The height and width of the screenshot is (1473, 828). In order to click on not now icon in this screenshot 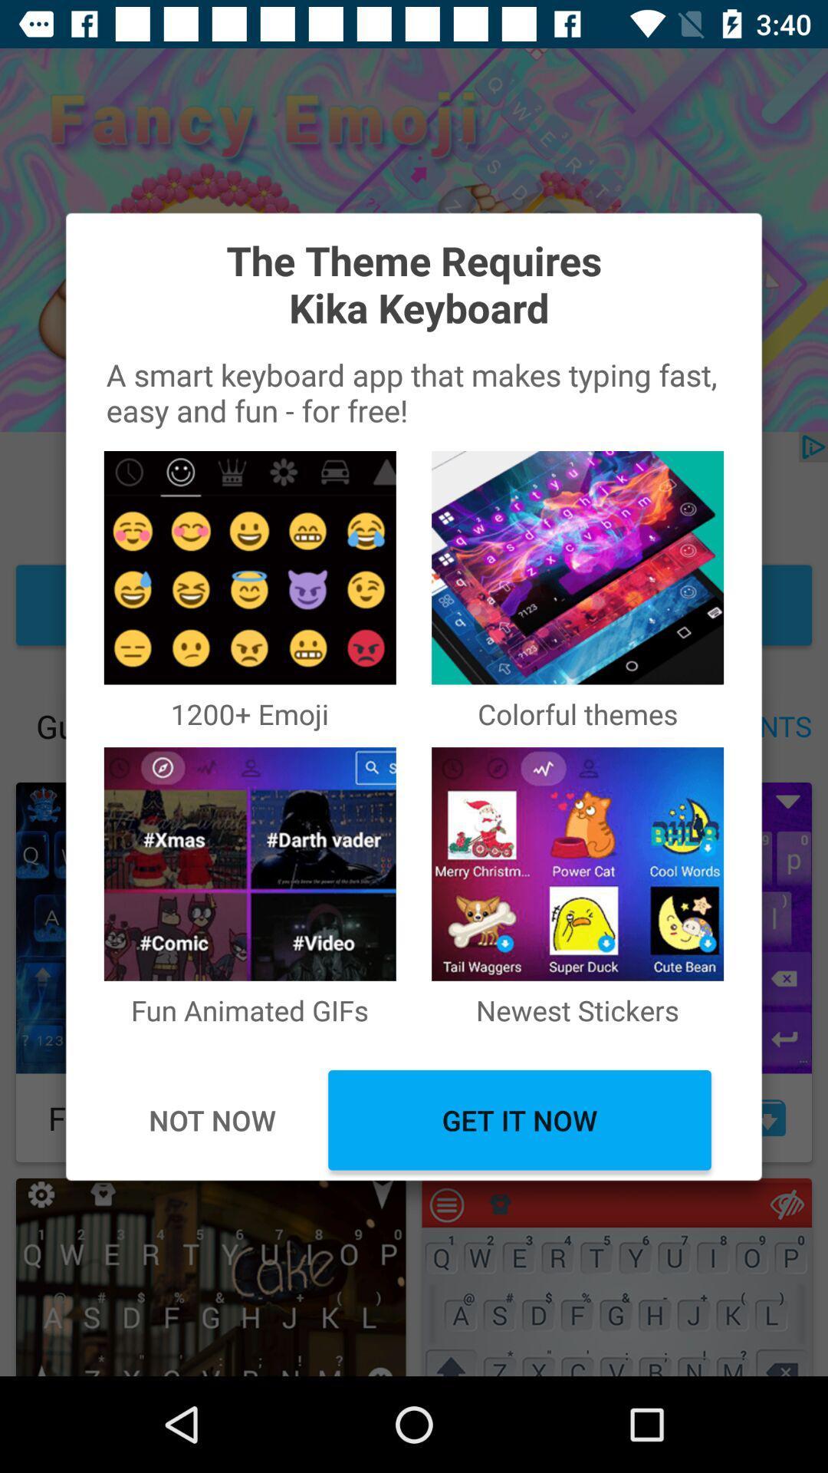, I will do `click(212, 1120)`.